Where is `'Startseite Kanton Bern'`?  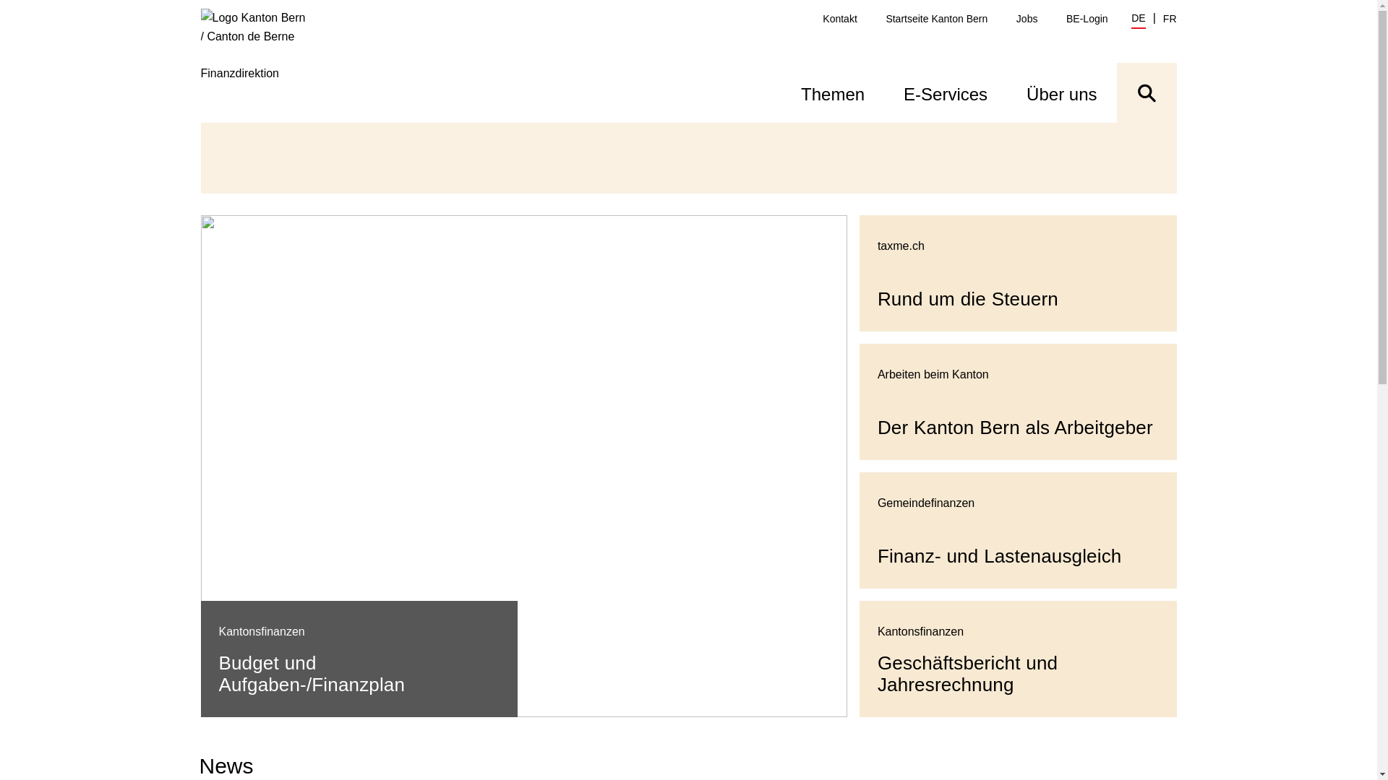
'Startseite Kanton Bern' is located at coordinates (936, 19).